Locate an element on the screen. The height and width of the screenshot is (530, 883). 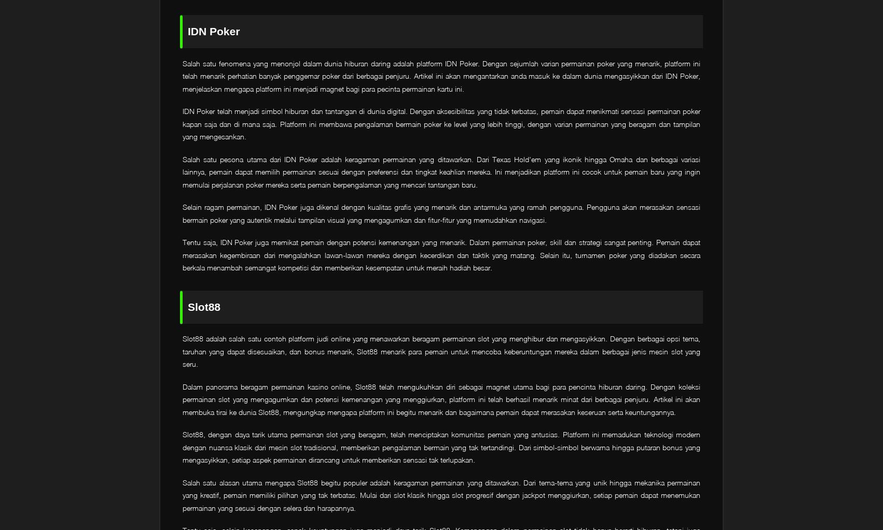
'Selain ragam permainan, IDN Poker juga dikenal dengan kualitas grafis yang menarik dan antarmuka yang ramah pengguna. Pengguna akan merasakan sensasi bermain poker yang autentik melalui tampilan visual yang mengagumkan dan fitur-fitur yang memudahkan navigasi.' is located at coordinates (182, 213).